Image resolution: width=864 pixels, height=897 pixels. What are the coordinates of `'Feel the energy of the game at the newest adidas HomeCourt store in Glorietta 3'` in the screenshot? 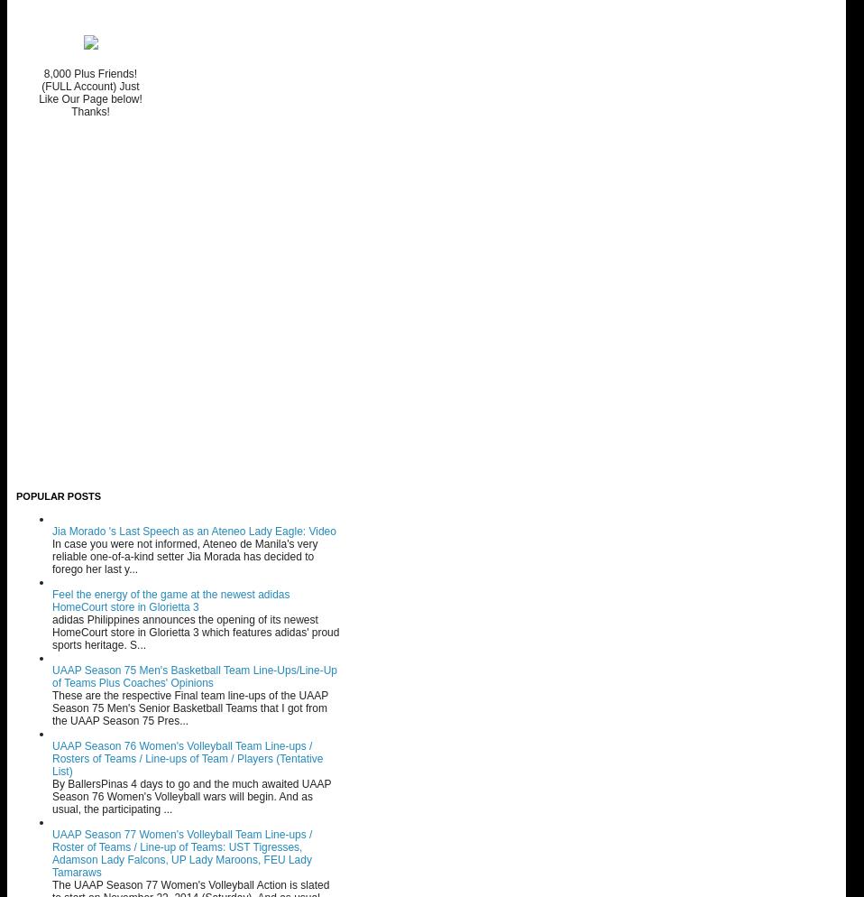 It's located at (51, 600).